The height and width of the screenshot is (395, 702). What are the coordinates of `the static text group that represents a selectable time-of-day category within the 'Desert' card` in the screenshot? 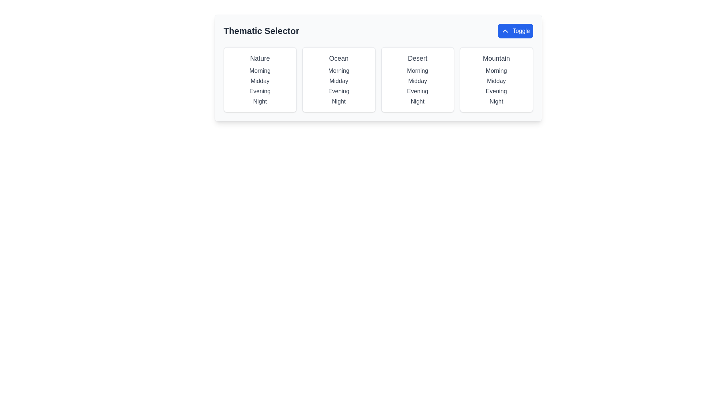 It's located at (418, 86).